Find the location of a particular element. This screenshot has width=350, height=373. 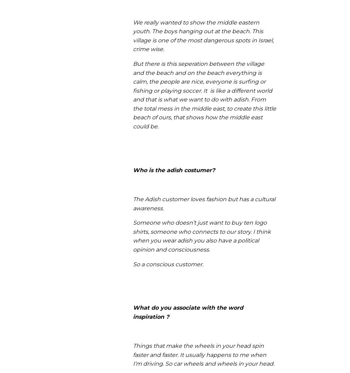

'Things that make the wheels in your head spin faster and faster.' is located at coordinates (198, 350).